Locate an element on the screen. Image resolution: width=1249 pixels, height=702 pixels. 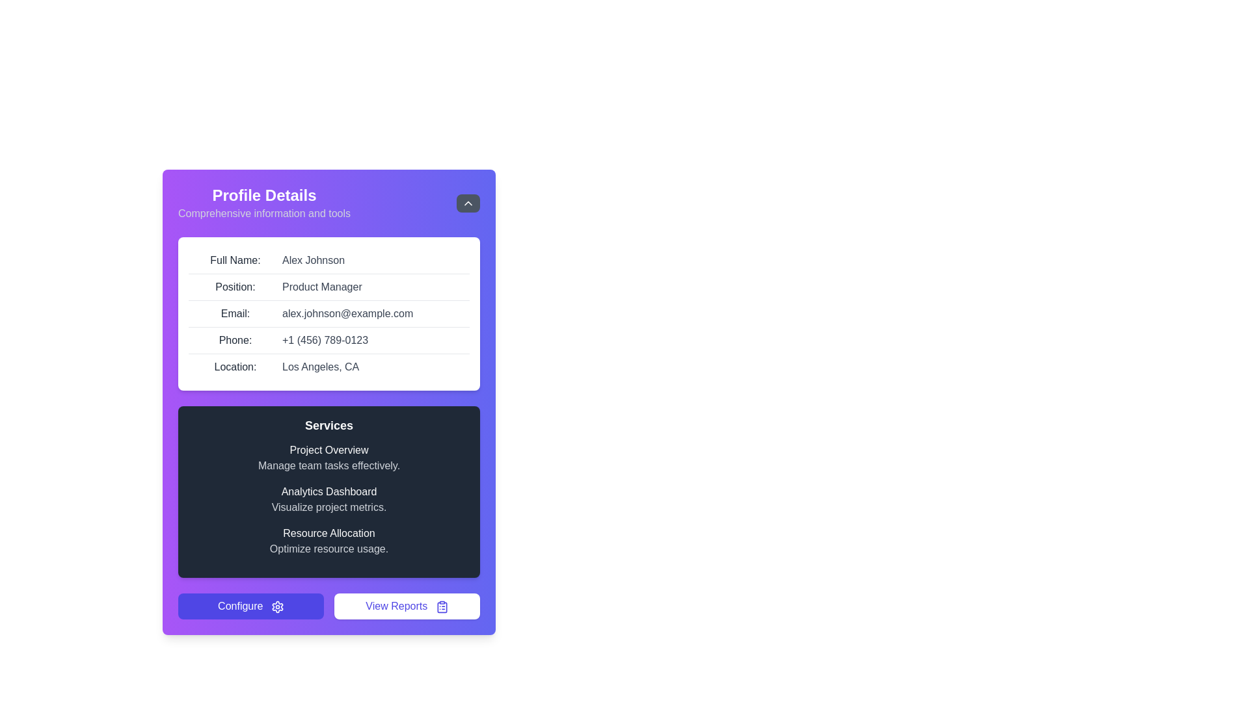
the text label pair displaying 'Los Angeles, CA' under the label 'Location:' in the profile details section is located at coordinates (329, 367).